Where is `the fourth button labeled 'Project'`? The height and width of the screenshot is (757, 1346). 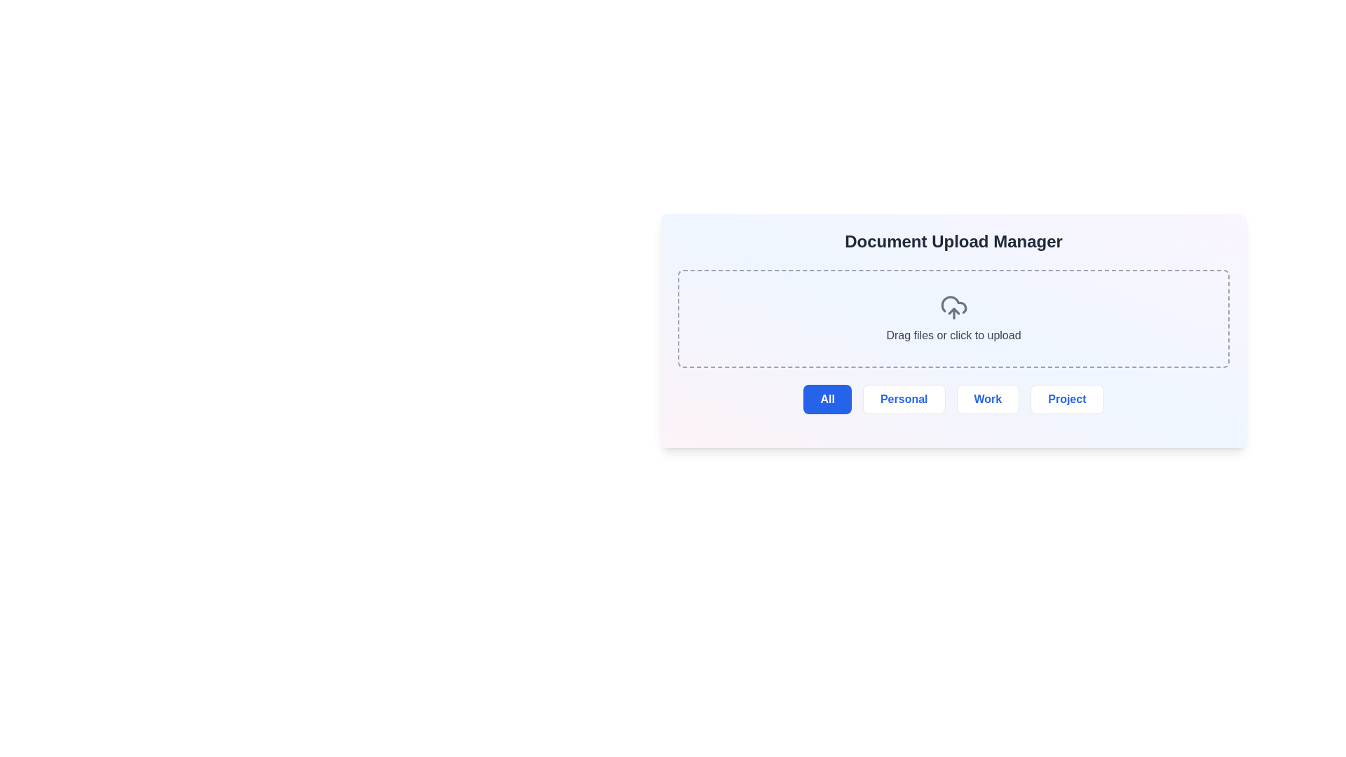
the fourth button labeled 'Project' is located at coordinates (1066, 400).